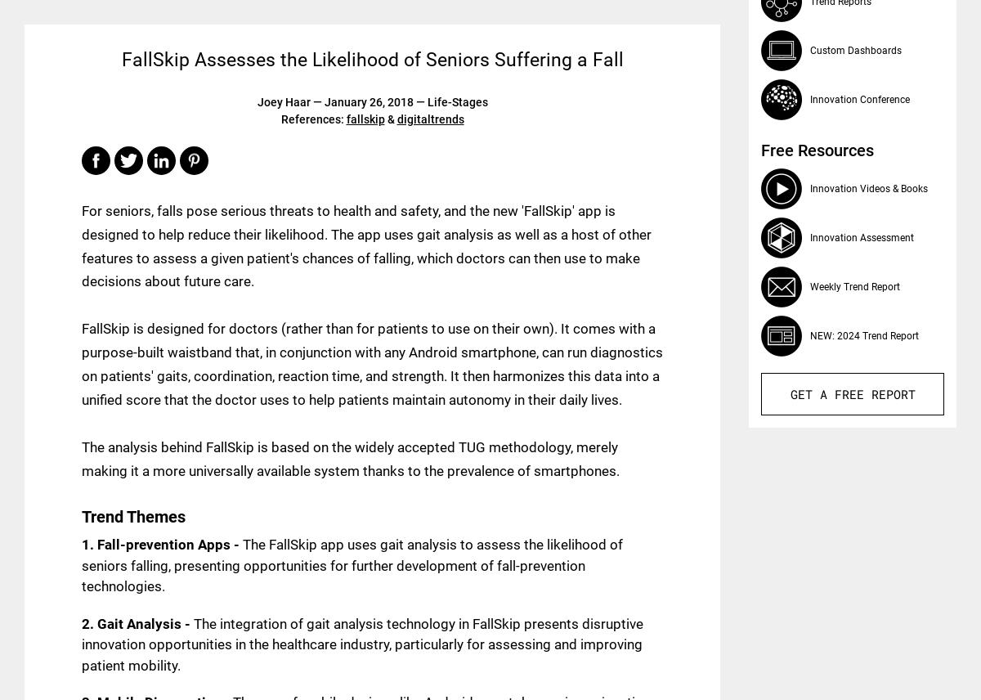 This screenshot has height=700, width=981. What do you see at coordinates (888, 393) in the screenshot?
I see `'Report'` at bounding box center [888, 393].